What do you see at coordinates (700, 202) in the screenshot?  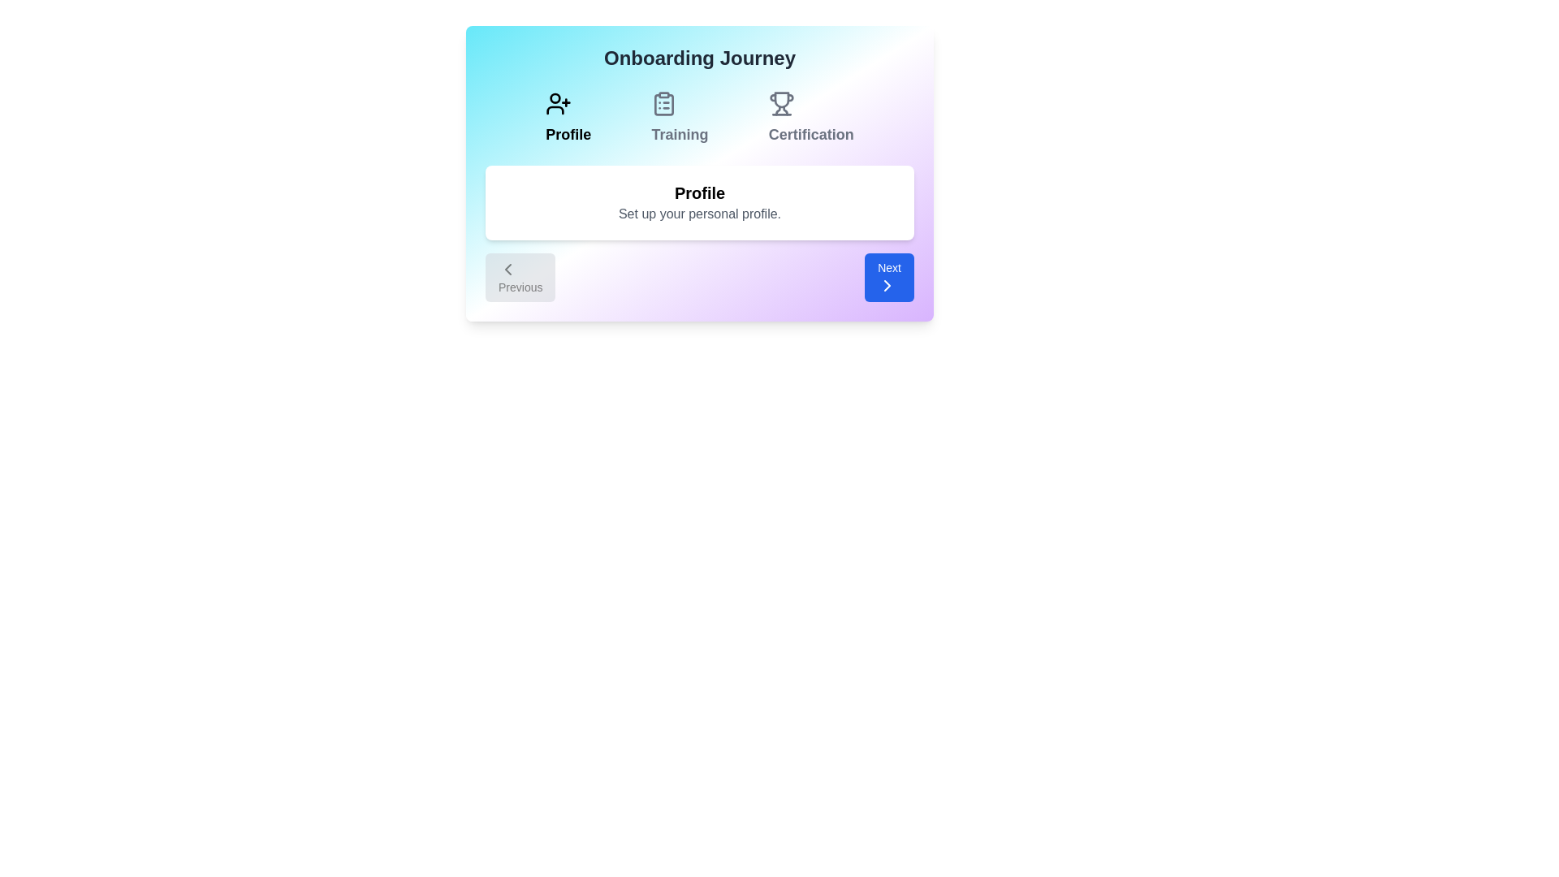 I see `the text area displaying the current onboarding step's description and read its content` at bounding box center [700, 202].